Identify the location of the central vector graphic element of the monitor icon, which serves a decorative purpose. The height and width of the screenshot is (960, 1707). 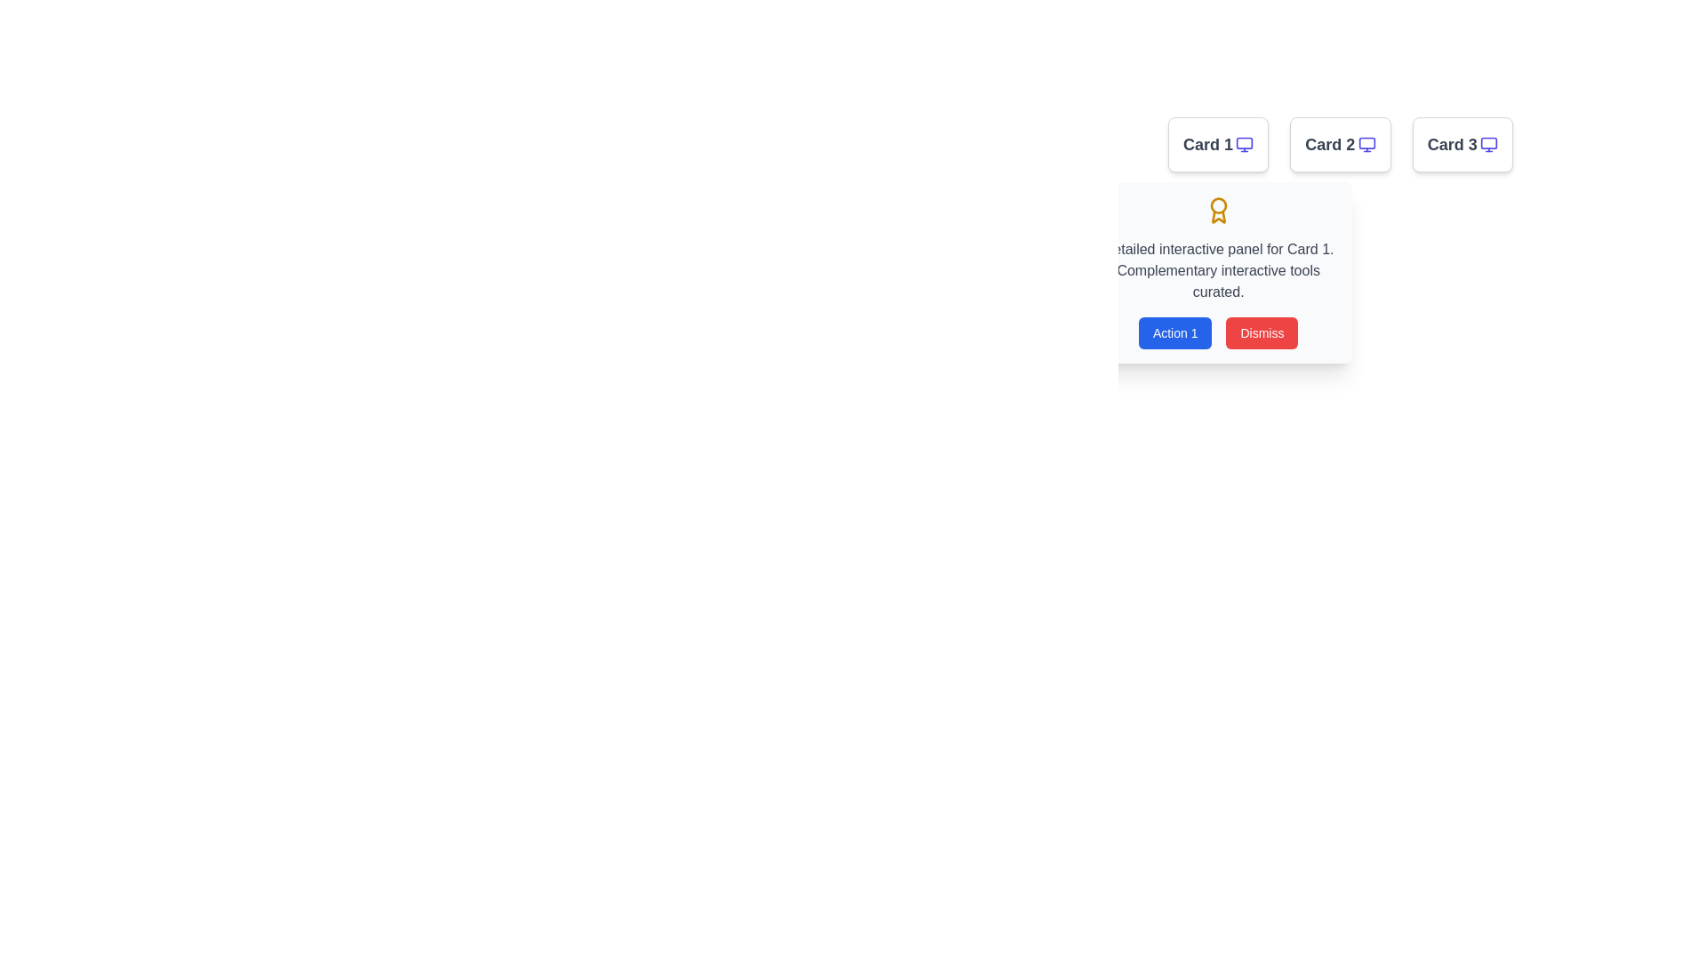
(1366, 142).